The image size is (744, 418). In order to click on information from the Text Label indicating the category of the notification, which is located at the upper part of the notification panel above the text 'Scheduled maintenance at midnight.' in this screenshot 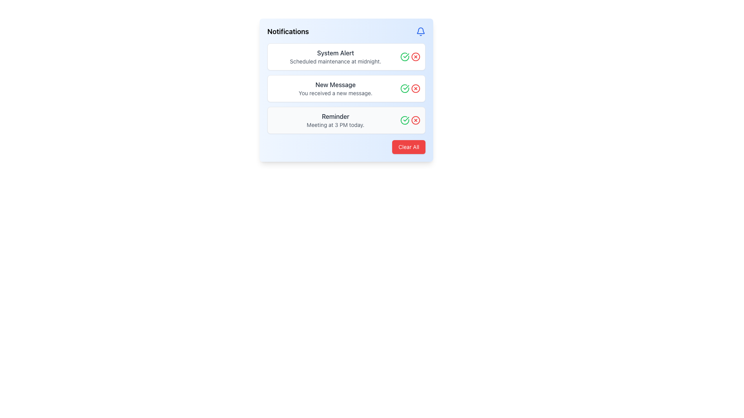, I will do `click(335, 53)`.